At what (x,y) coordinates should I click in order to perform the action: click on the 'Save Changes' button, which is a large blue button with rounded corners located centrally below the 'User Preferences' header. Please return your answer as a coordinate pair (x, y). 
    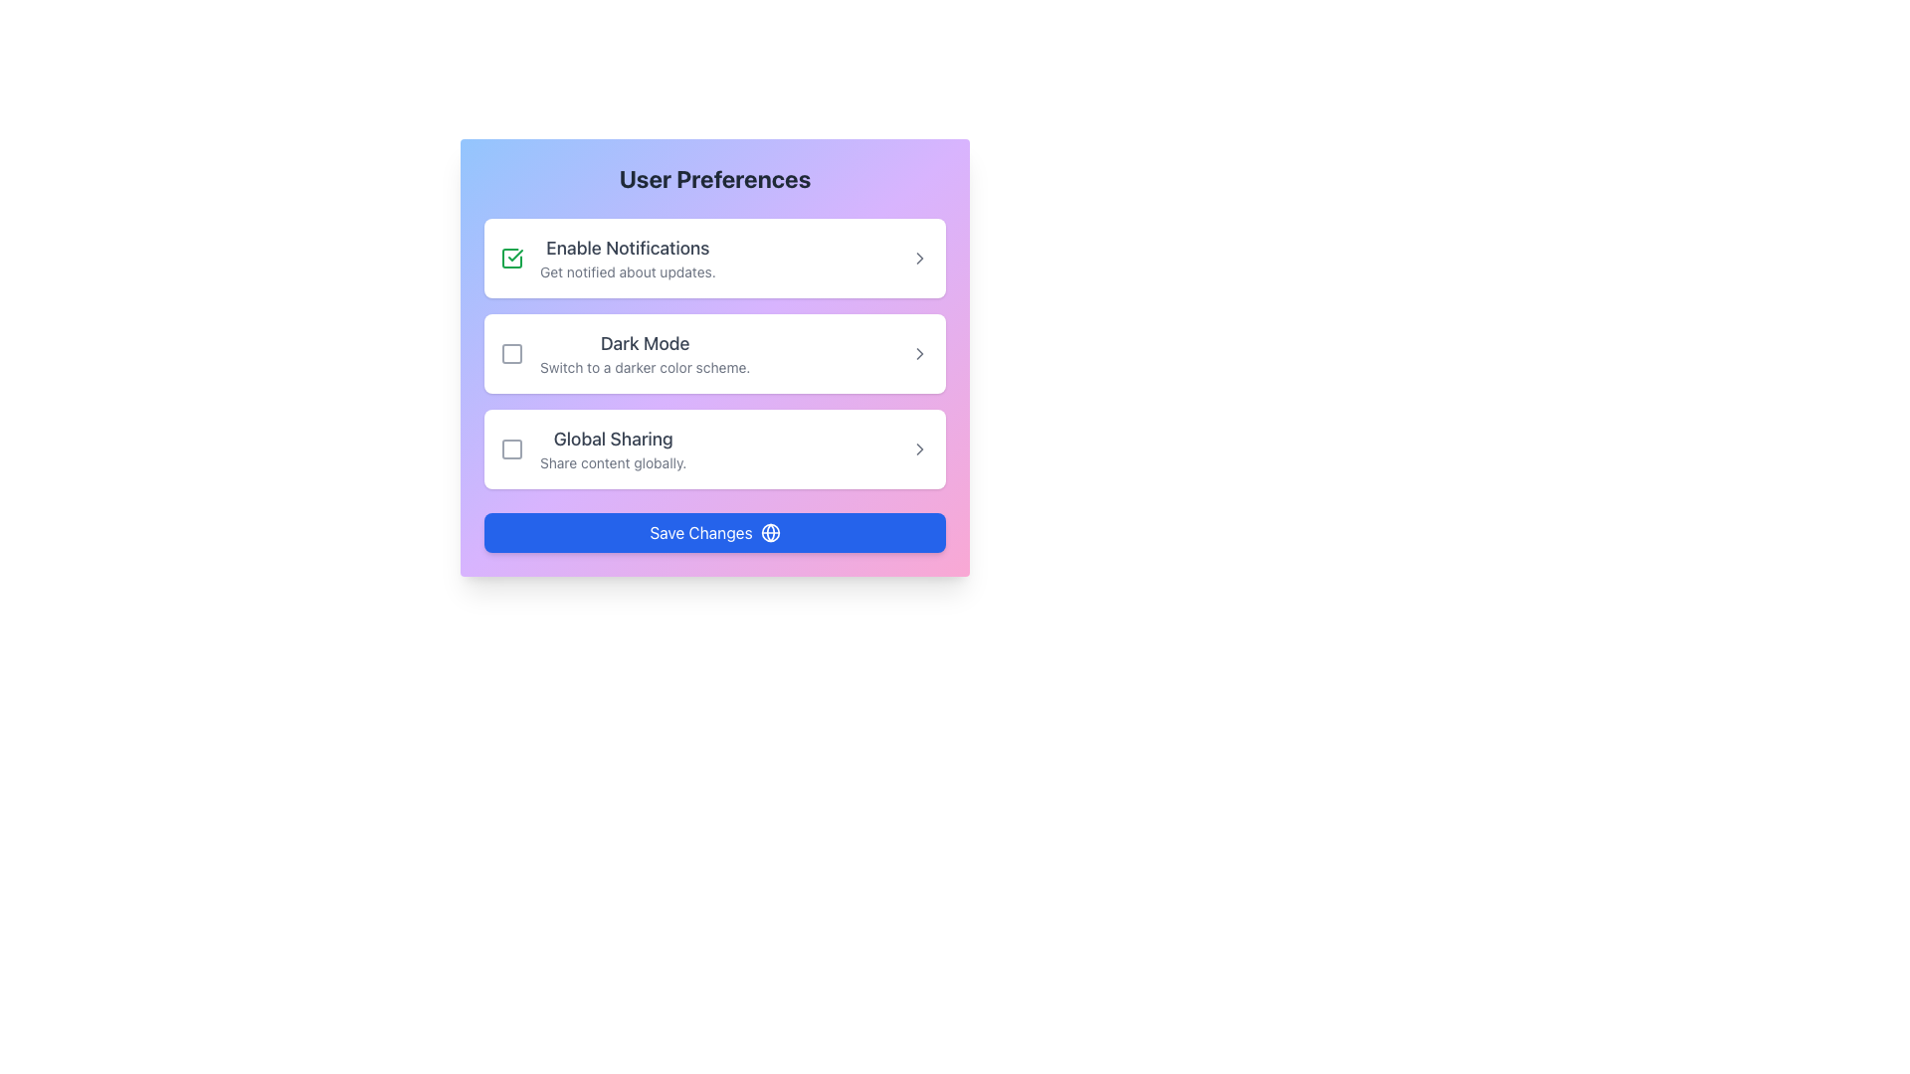
    Looking at the image, I should click on (715, 532).